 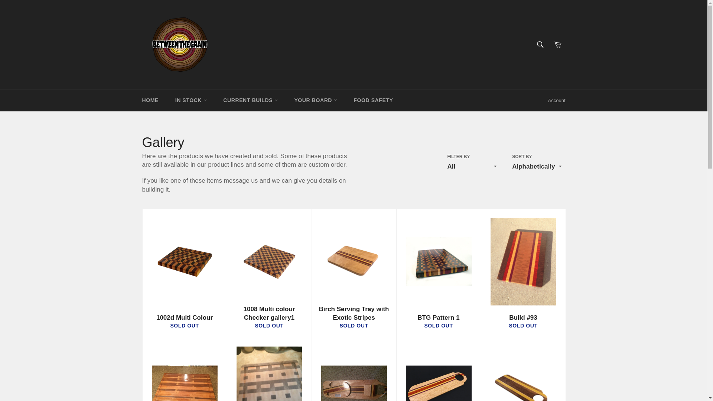 What do you see at coordinates (540, 44) in the screenshot?
I see `'Search'` at bounding box center [540, 44].